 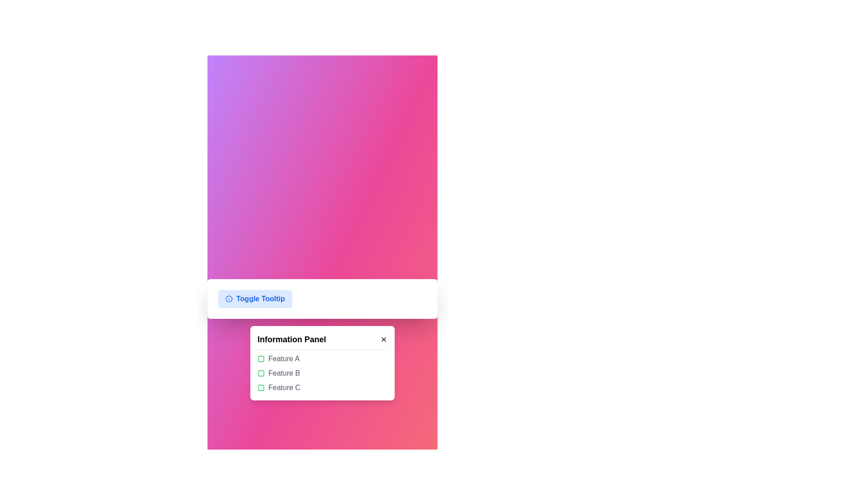 What do you see at coordinates (261, 387) in the screenshot?
I see `the green square icon adjacent to the label 'Feature C' at the bottom of the 'Information Panel'` at bounding box center [261, 387].